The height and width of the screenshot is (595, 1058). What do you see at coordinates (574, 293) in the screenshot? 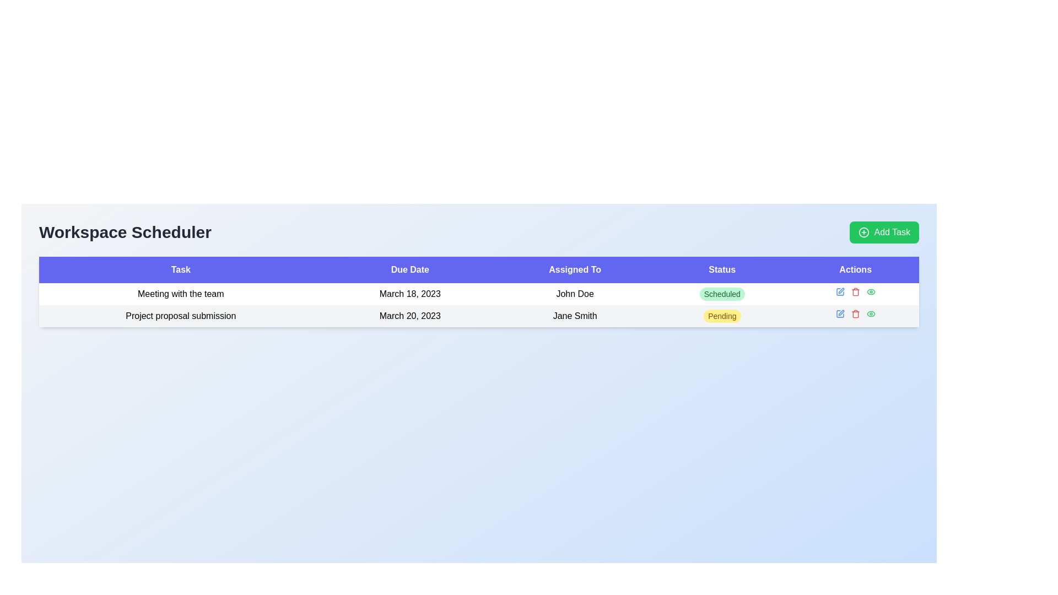
I see `the text label displaying the assignee's name for the task in the third column of the first row under 'Assigned To'` at bounding box center [574, 293].